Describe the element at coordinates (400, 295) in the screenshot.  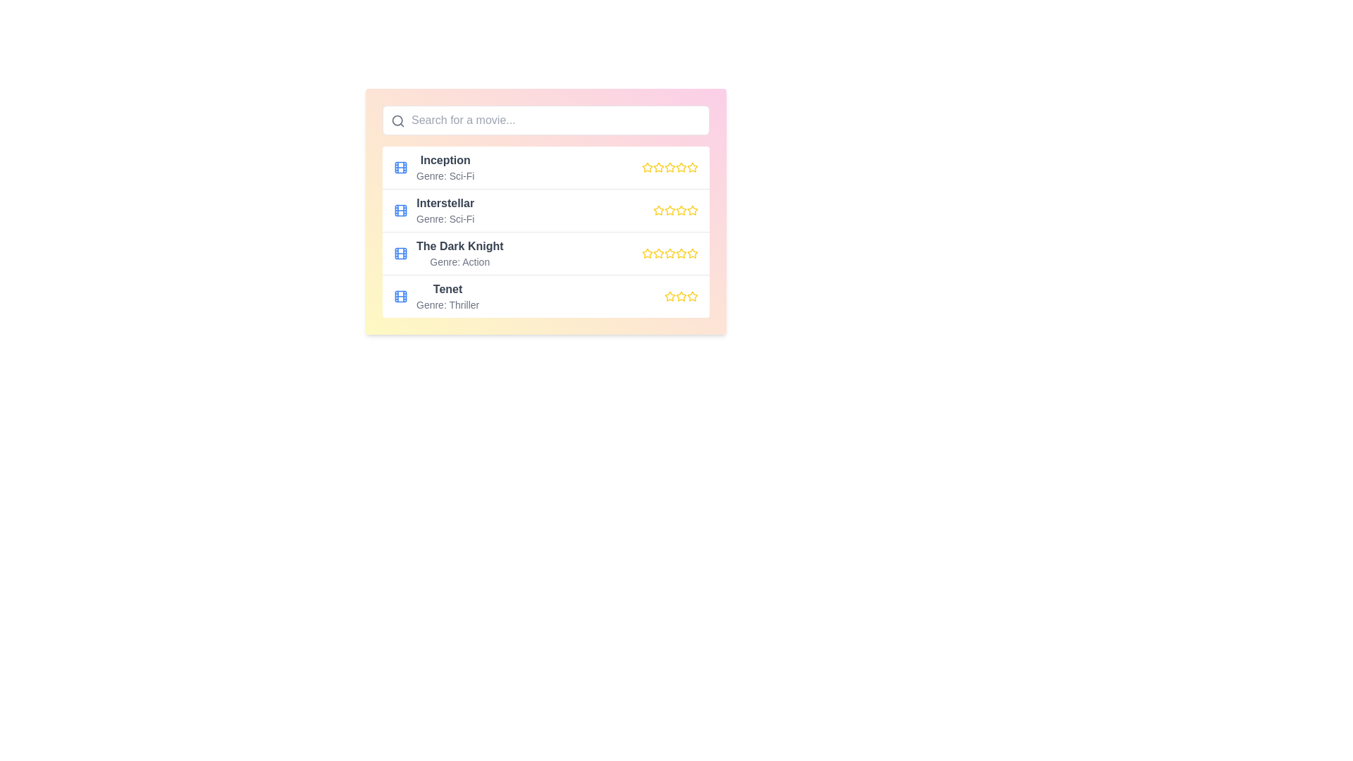
I see `the blue film strip icon located to the left of the 'Tenet' movie title and genre in the fourth movie entry of the list` at that location.